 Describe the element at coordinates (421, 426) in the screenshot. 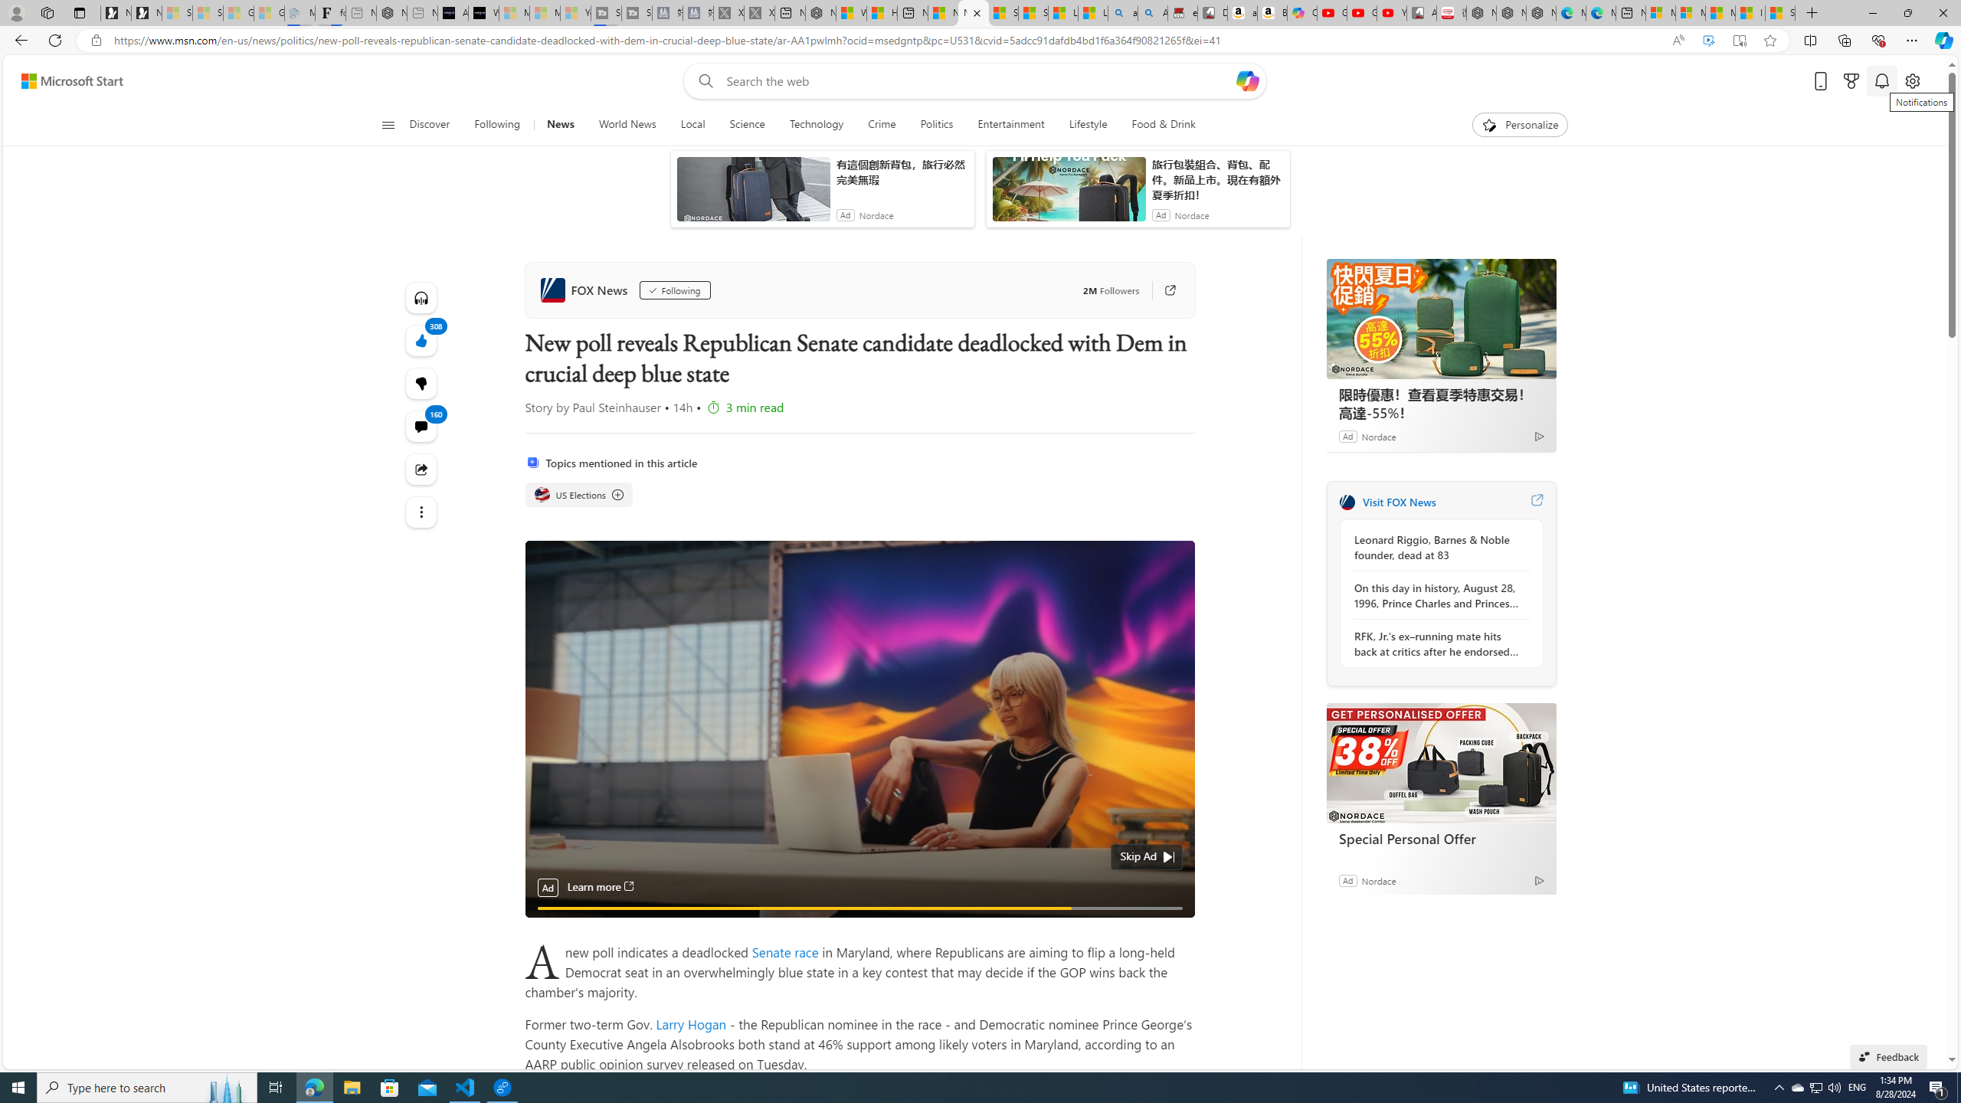

I see `'View comments 160 Comment'` at that location.